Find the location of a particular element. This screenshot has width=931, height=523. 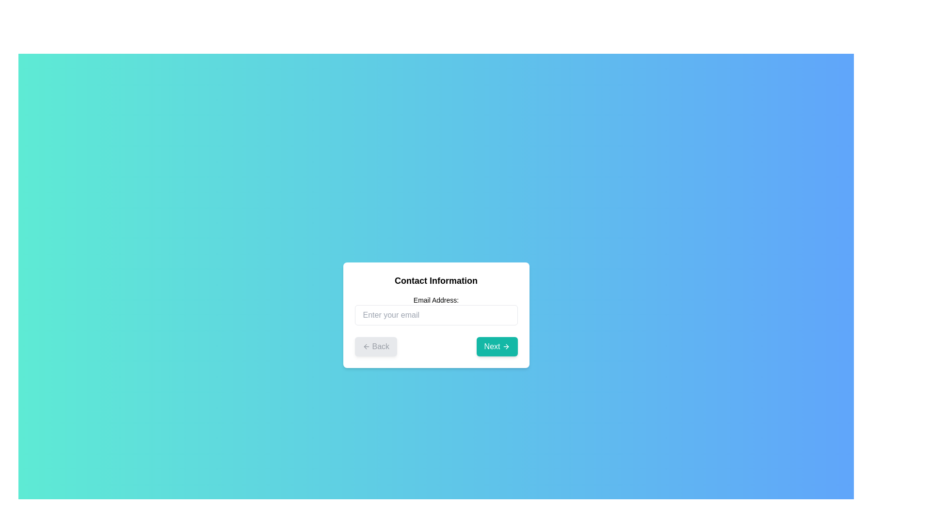

the 'Next' button located to the right of the disabled 'Back' button at the bottom of the white rectangular form is located at coordinates (497, 346).